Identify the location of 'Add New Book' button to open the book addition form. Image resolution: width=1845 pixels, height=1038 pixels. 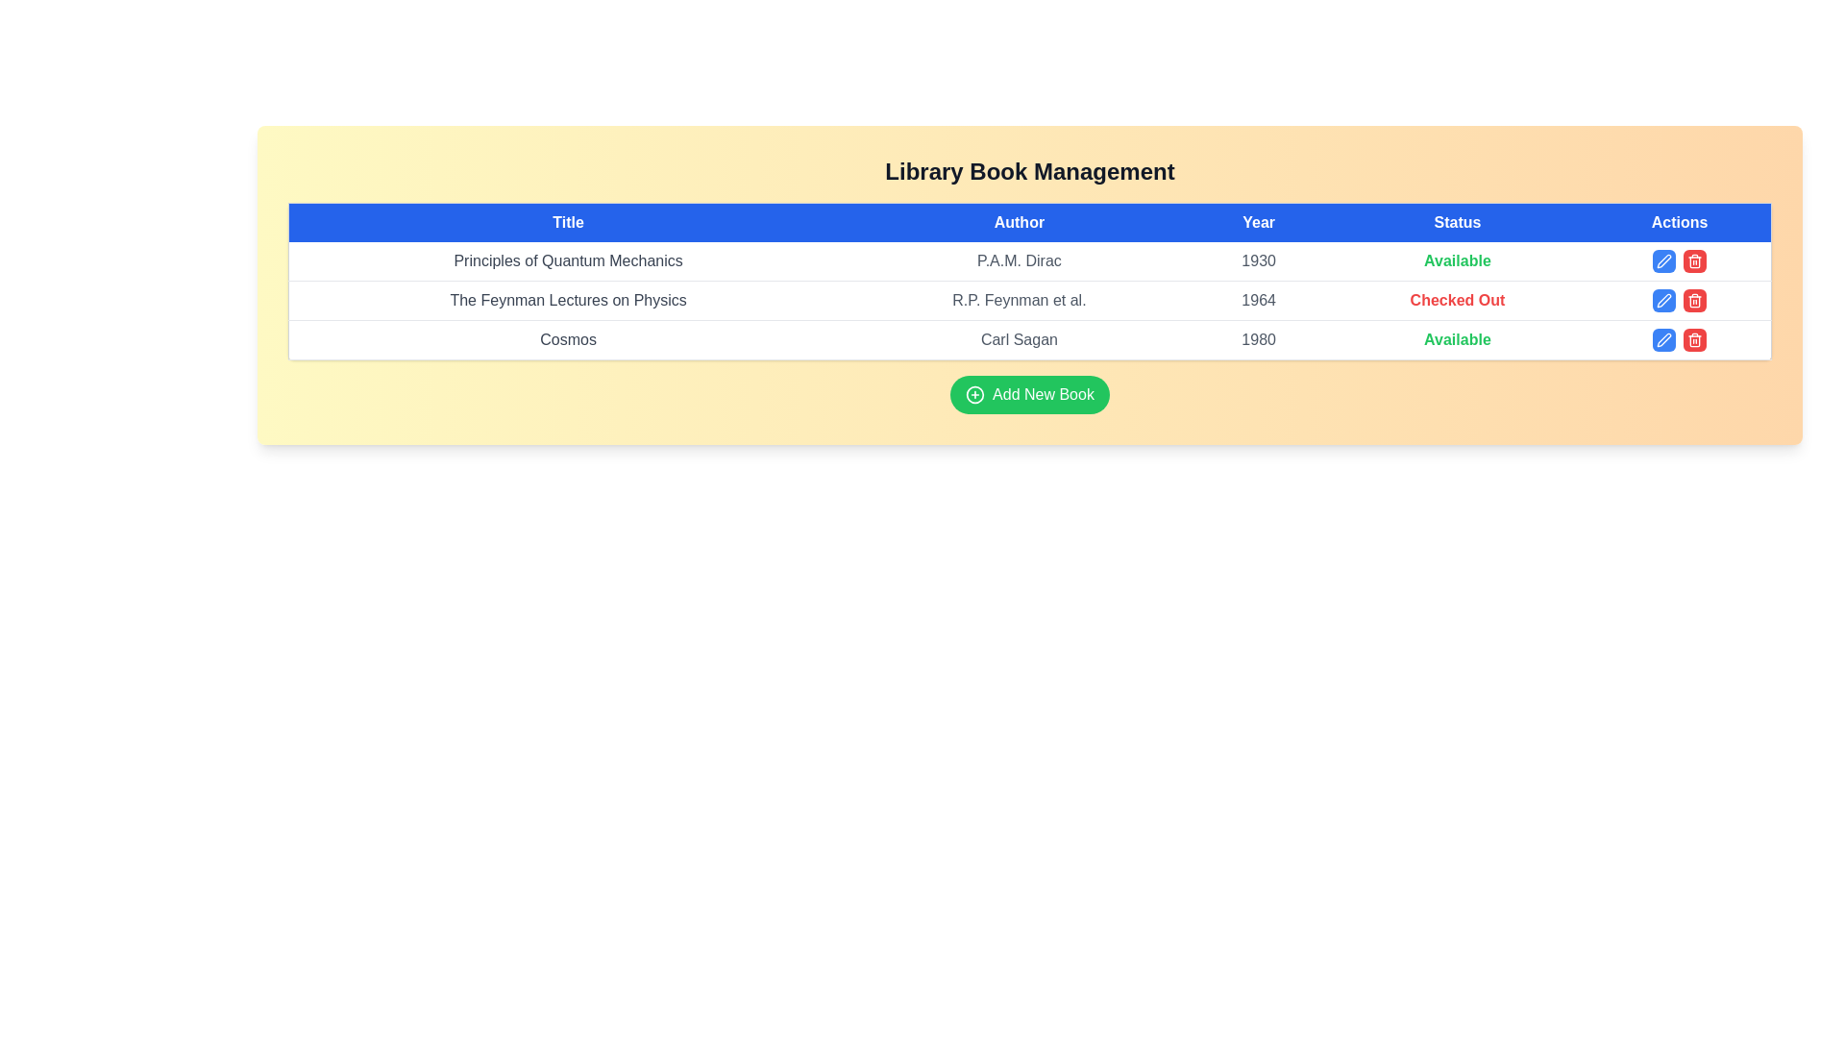
(1028, 394).